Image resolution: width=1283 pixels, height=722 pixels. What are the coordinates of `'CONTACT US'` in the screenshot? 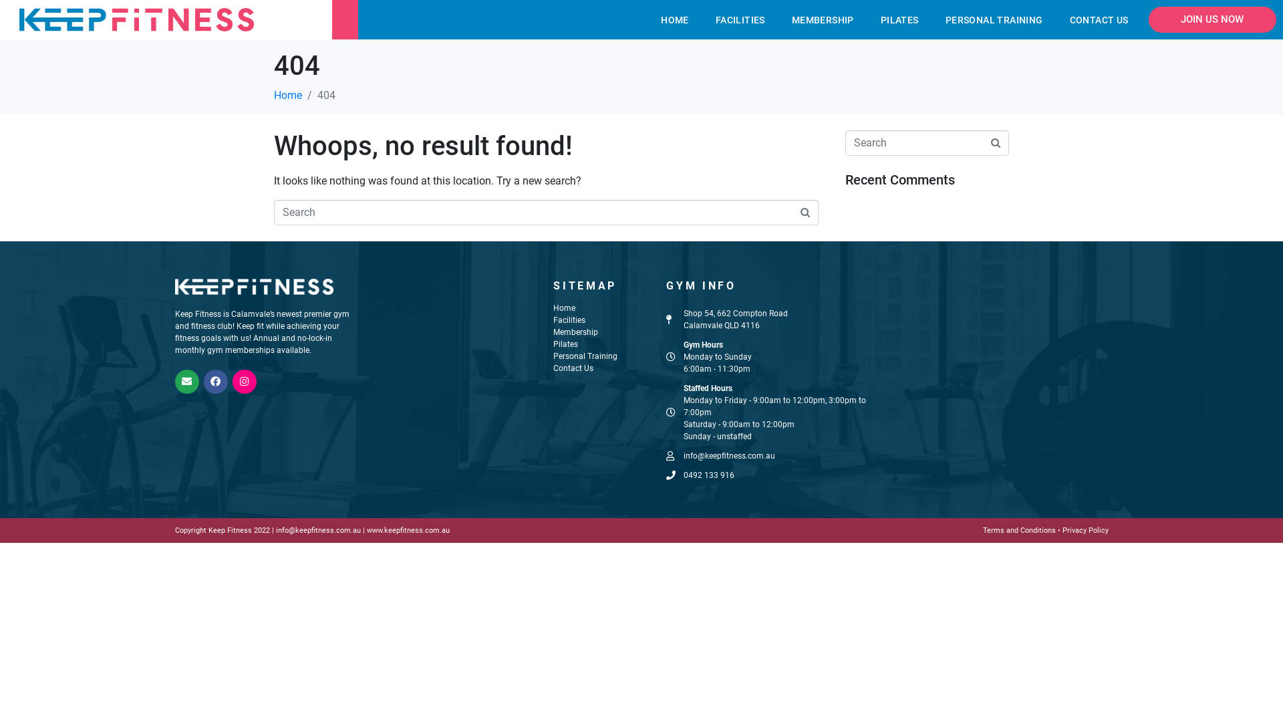 It's located at (1099, 20).